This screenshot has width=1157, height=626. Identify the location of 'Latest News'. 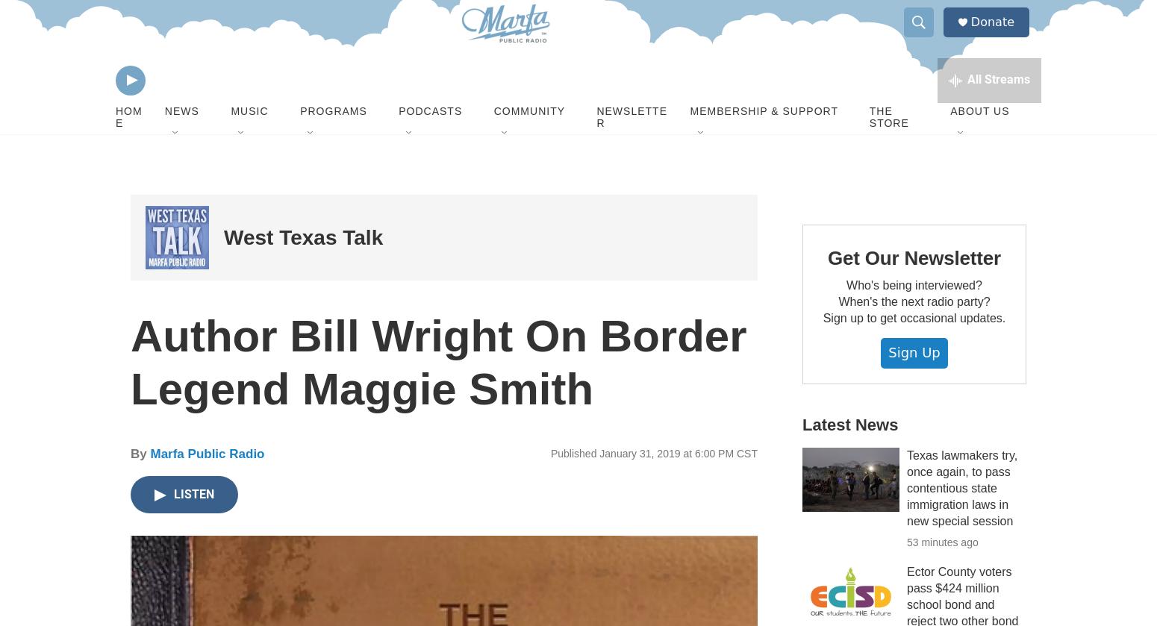
(849, 460).